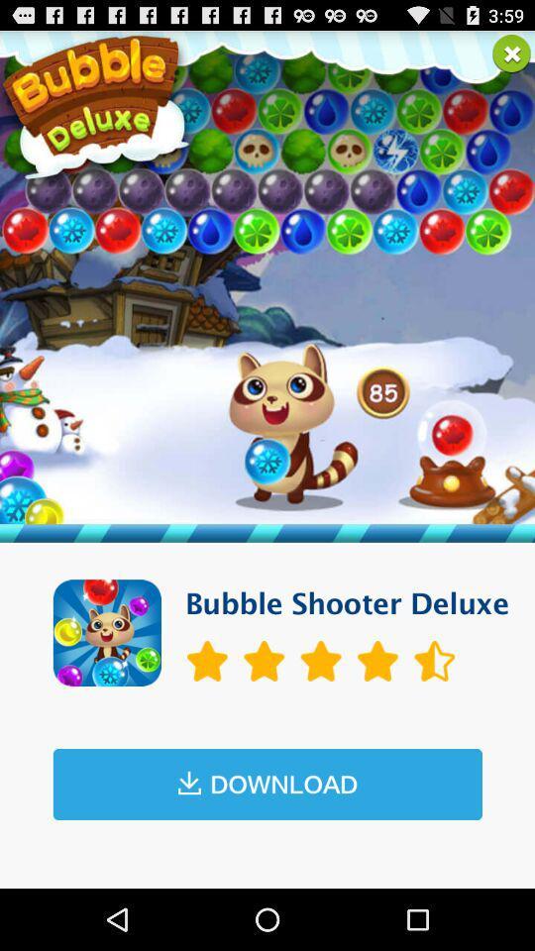 This screenshot has height=951, width=535. What do you see at coordinates (511, 53) in the screenshot?
I see `exit page` at bounding box center [511, 53].